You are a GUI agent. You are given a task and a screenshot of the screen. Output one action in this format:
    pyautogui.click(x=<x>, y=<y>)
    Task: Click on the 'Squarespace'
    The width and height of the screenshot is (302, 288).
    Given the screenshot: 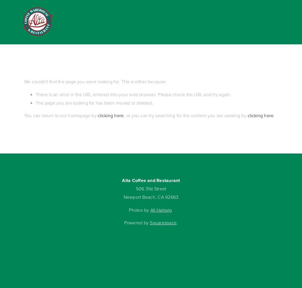 What is the action you would take?
    pyautogui.click(x=163, y=223)
    